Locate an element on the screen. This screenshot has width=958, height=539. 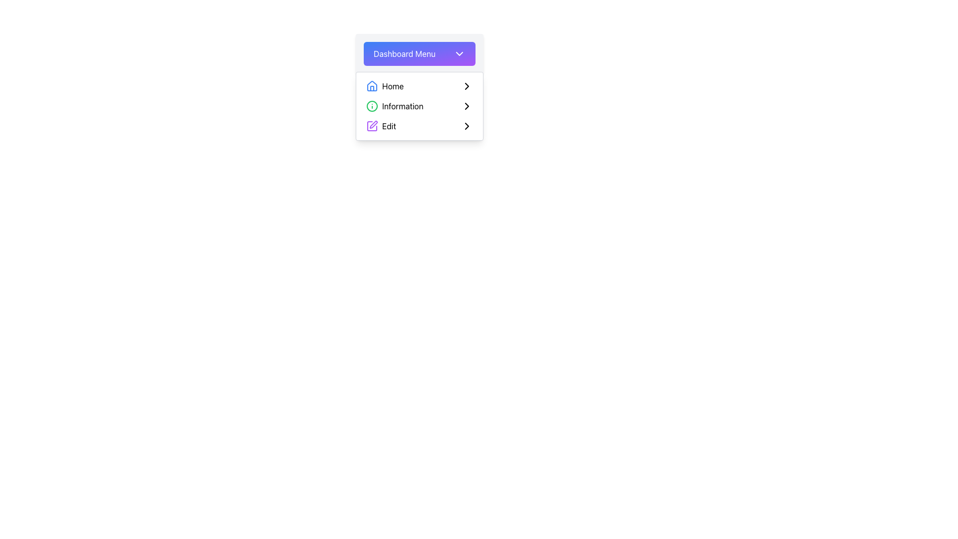
the 'Dashboard Menu' button with a gradient background is located at coordinates (419, 54).